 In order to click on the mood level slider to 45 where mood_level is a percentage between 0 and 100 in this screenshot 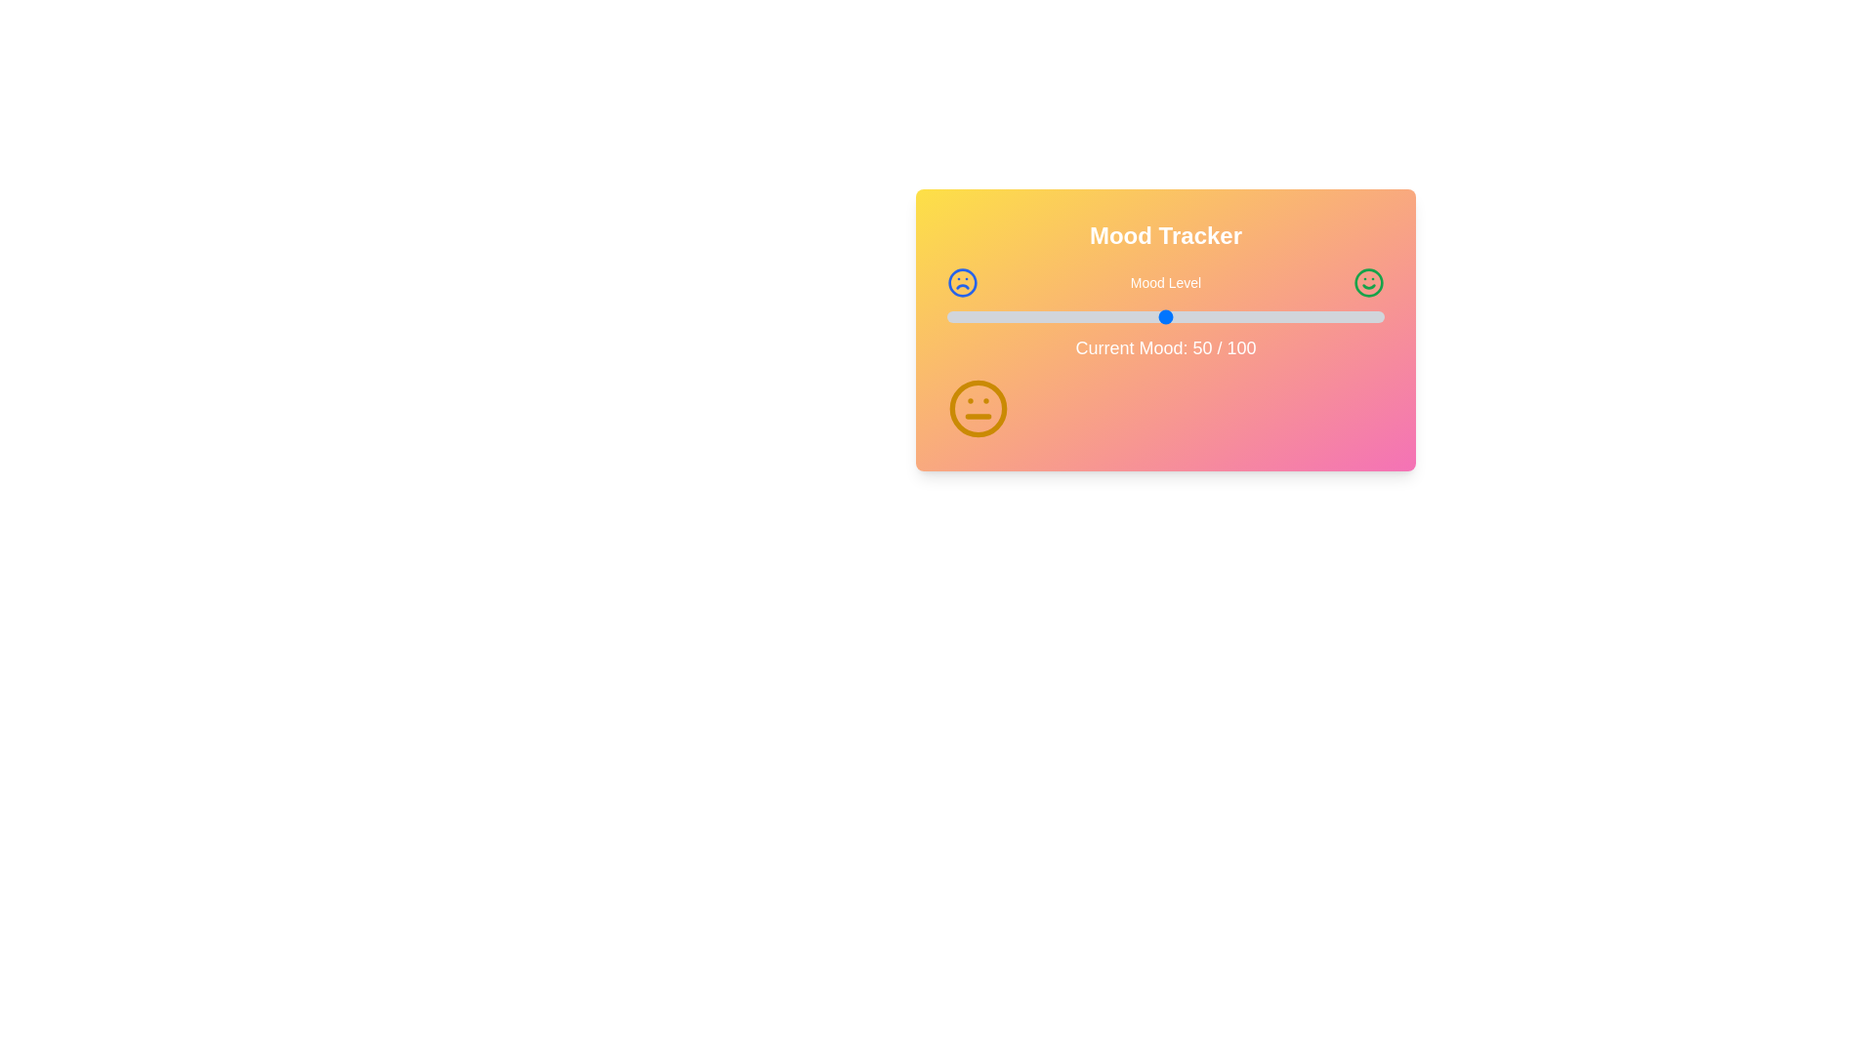, I will do `click(1144, 315)`.